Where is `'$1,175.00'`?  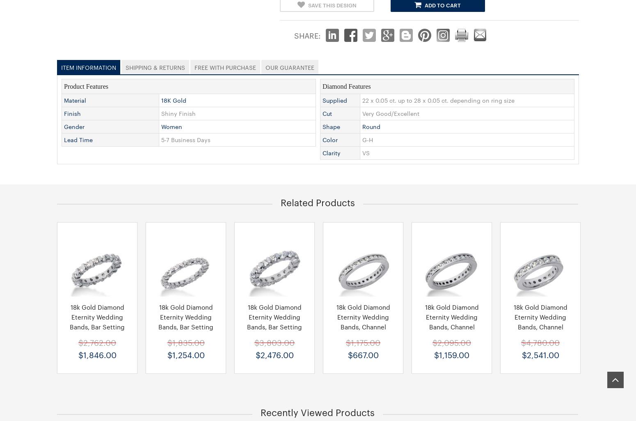
'$1,175.00' is located at coordinates (363, 342).